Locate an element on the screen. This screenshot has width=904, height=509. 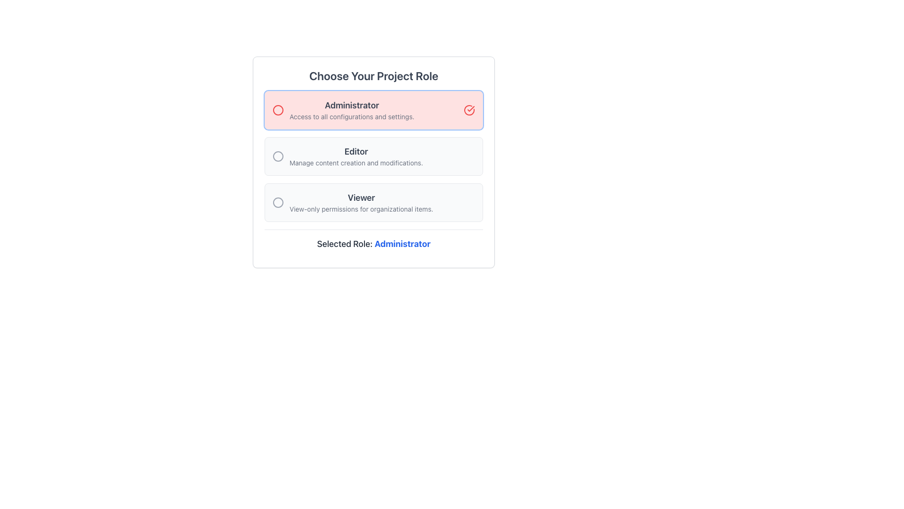
the selectable option for the 'Administrator' role, which is the first item in the vertical list of roles located above the 'Editor' and 'Viewer' options is located at coordinates (351, 110).